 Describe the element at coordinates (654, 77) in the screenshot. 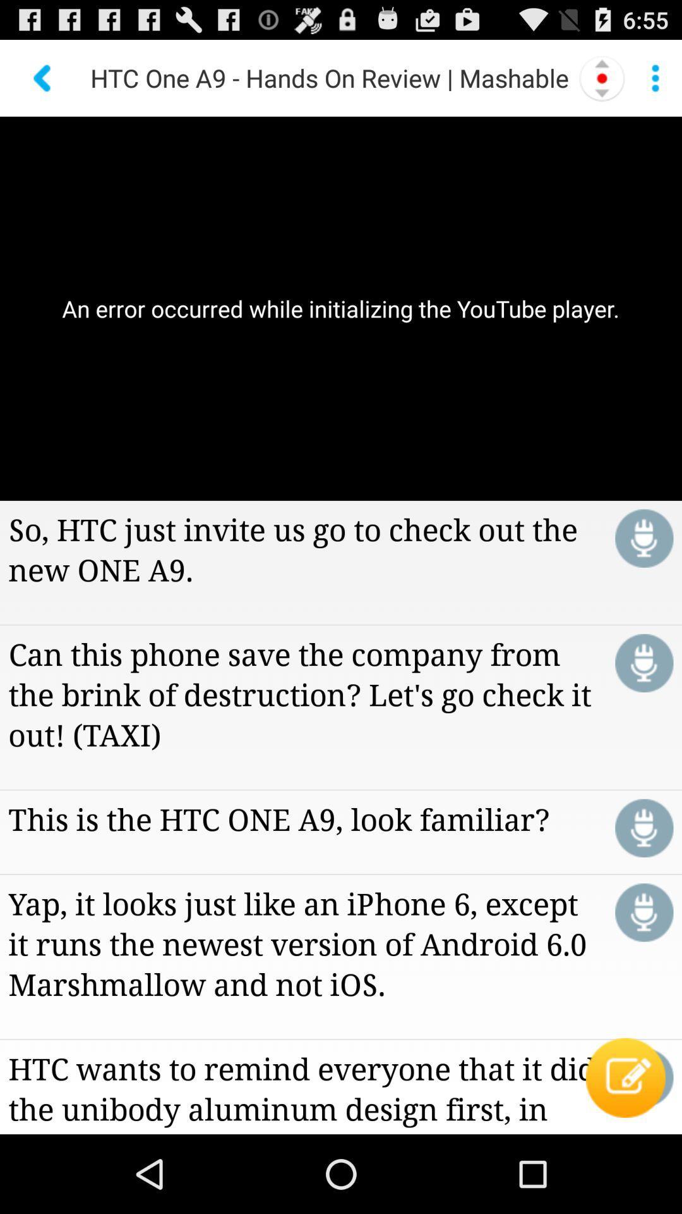

I see `see more information` at that location.